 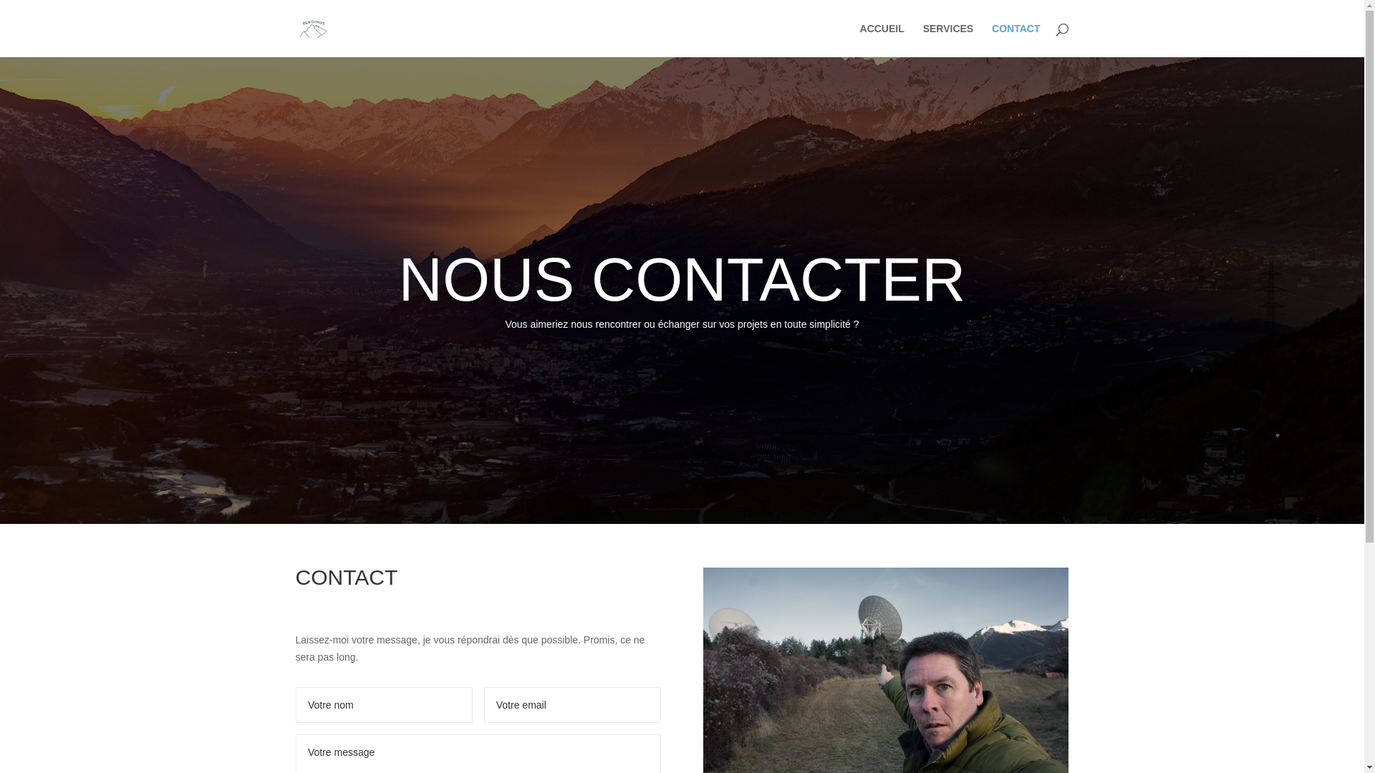 I want to click on 'SERVICES', so click(x=948, y=39).